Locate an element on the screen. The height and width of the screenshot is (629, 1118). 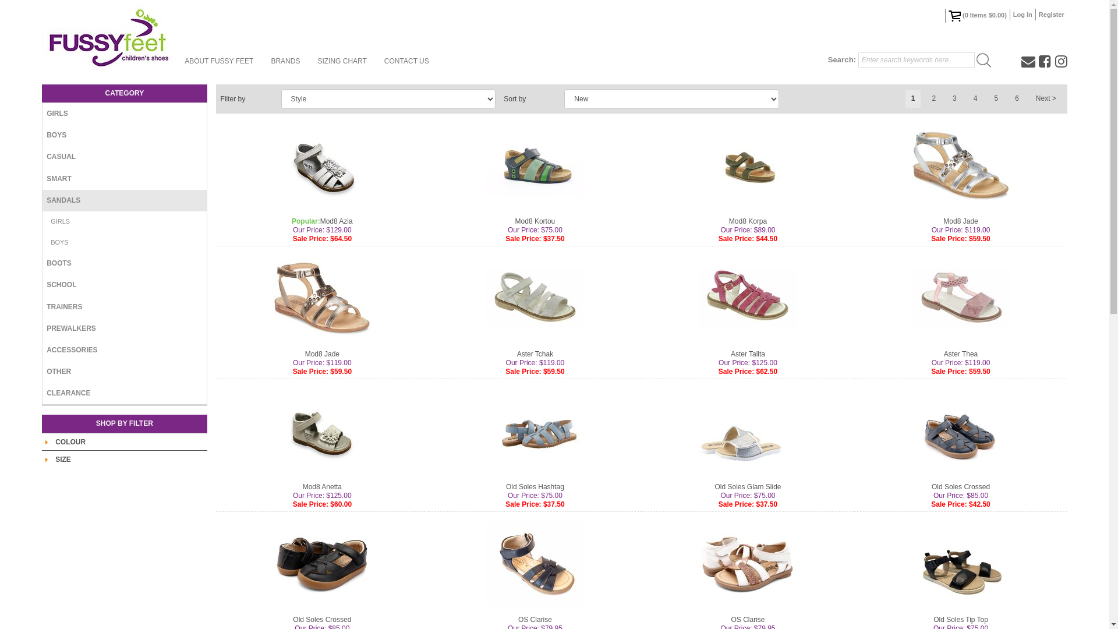
'Register' is located at coordinates (1036, 14).